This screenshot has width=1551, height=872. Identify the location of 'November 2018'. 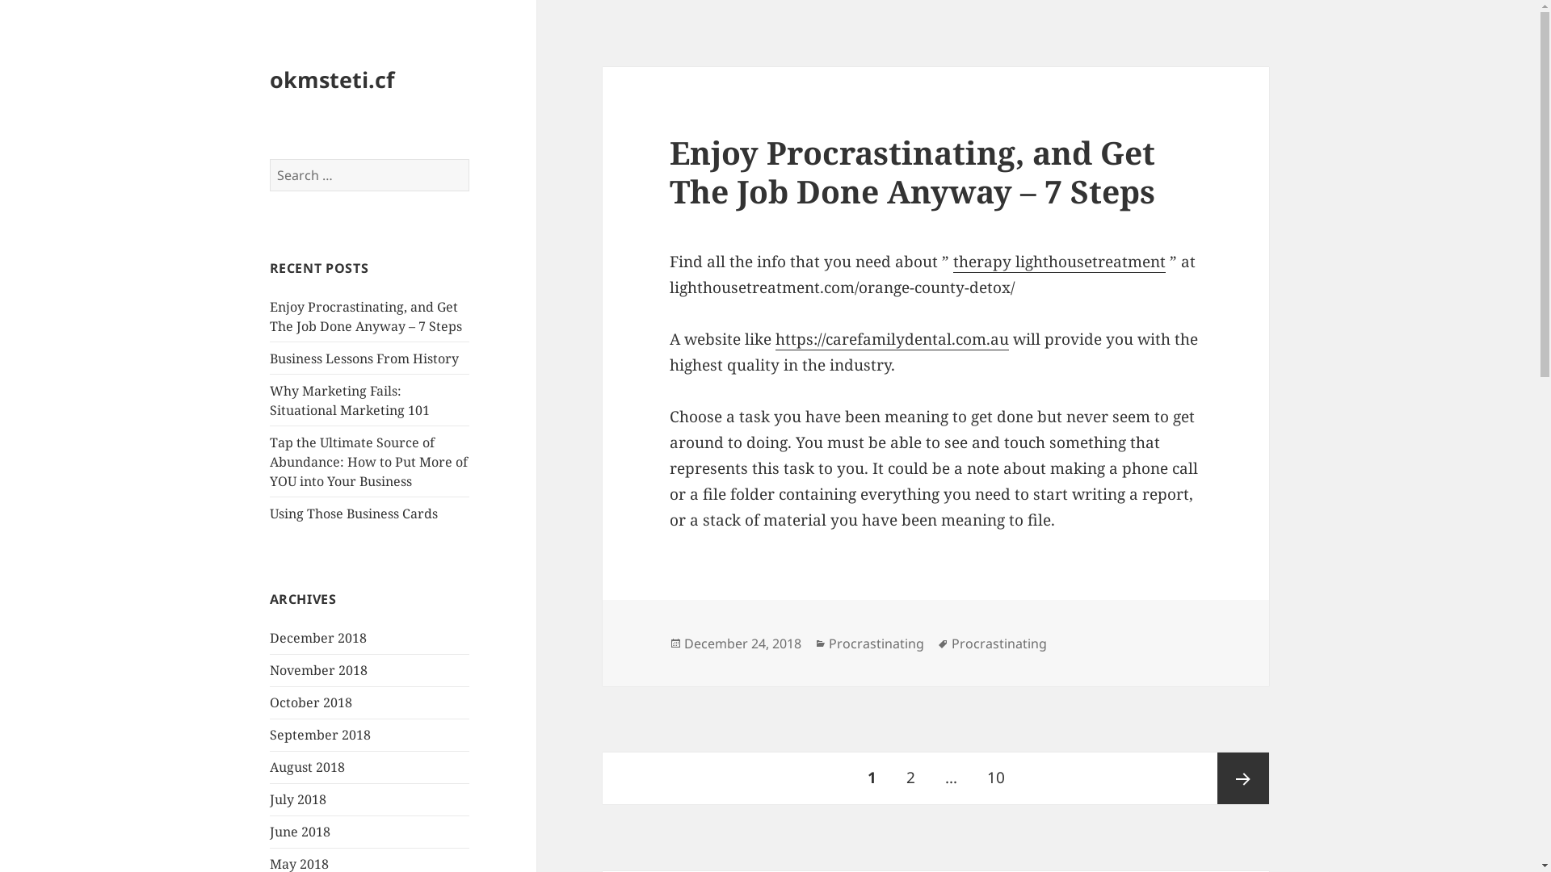
(318, 669).